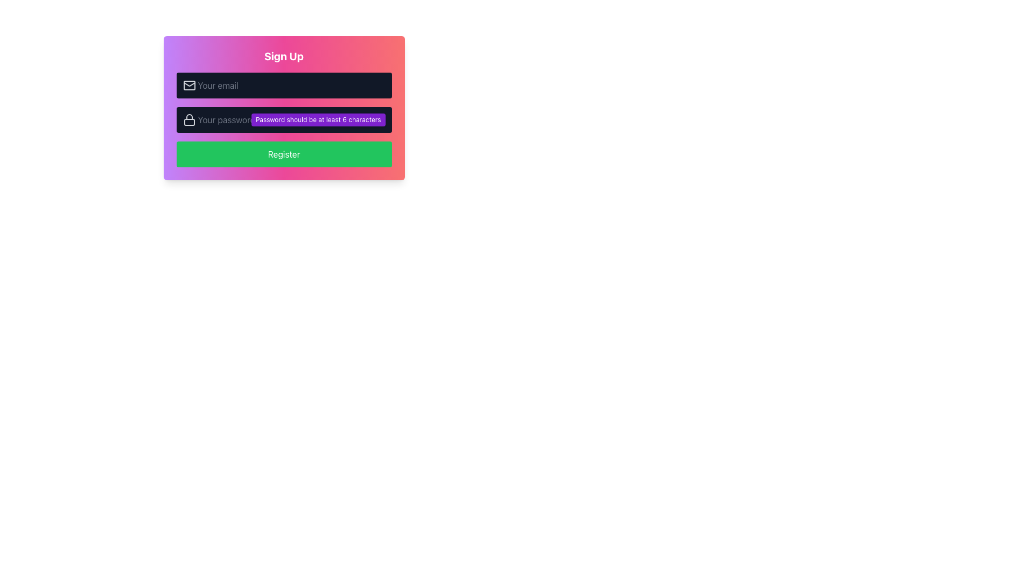  What do you see at coordinates (284, 108) in the screenshot?
I see `the purple validation tooltip next to the Password input field` at bounding box center [284, 108].